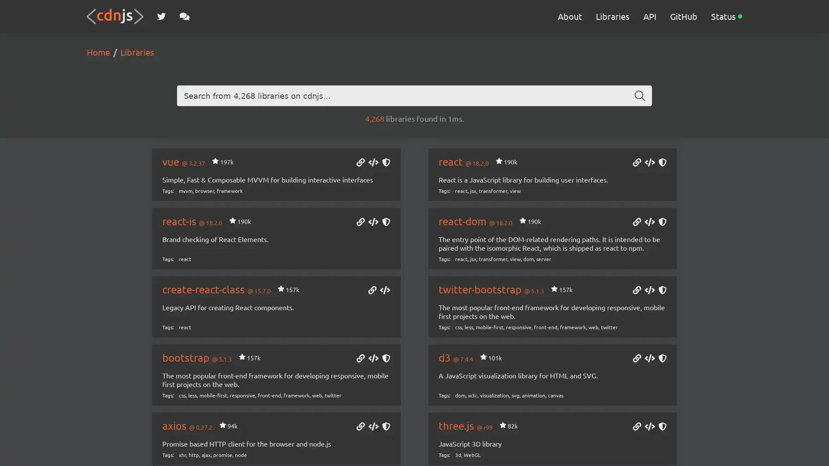 The height and width of the screenshot is (466, 829). Describe the element at coordinates (360, 222) in the screenshot. I see `Copy URL` at that location.